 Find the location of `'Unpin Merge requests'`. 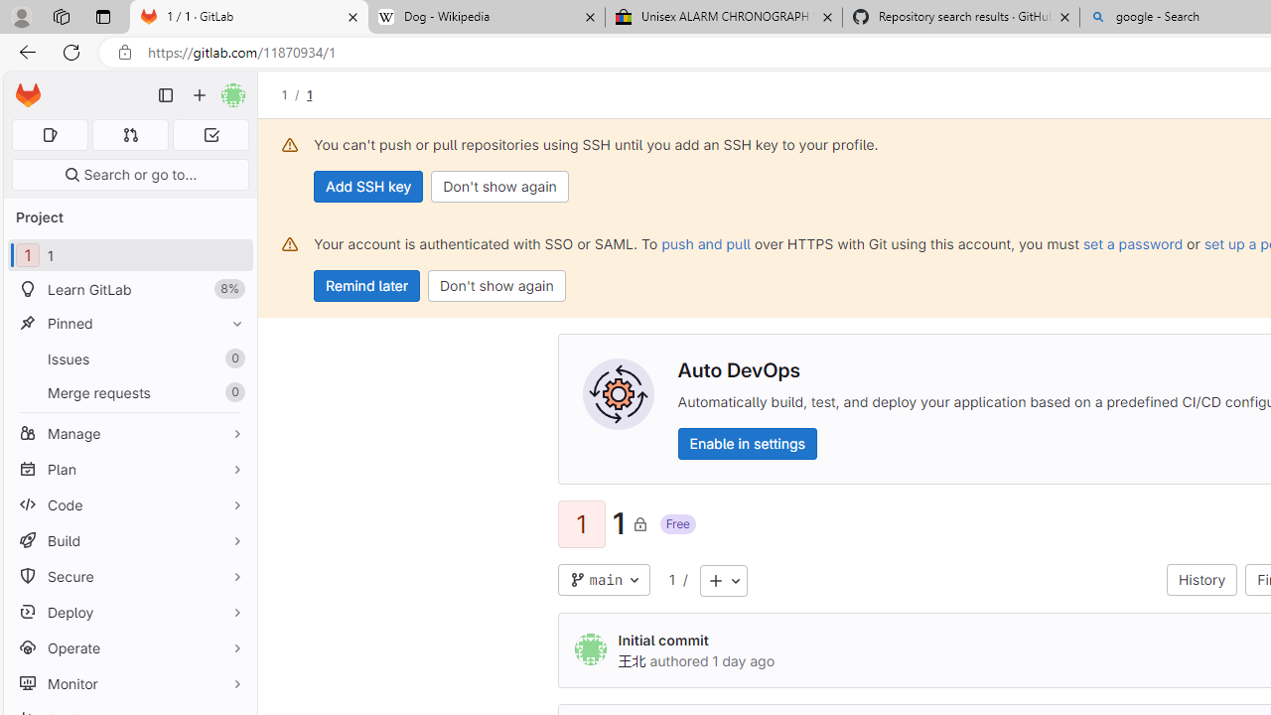

'Unpin Merge requests' is located at coordinates (232, 392).